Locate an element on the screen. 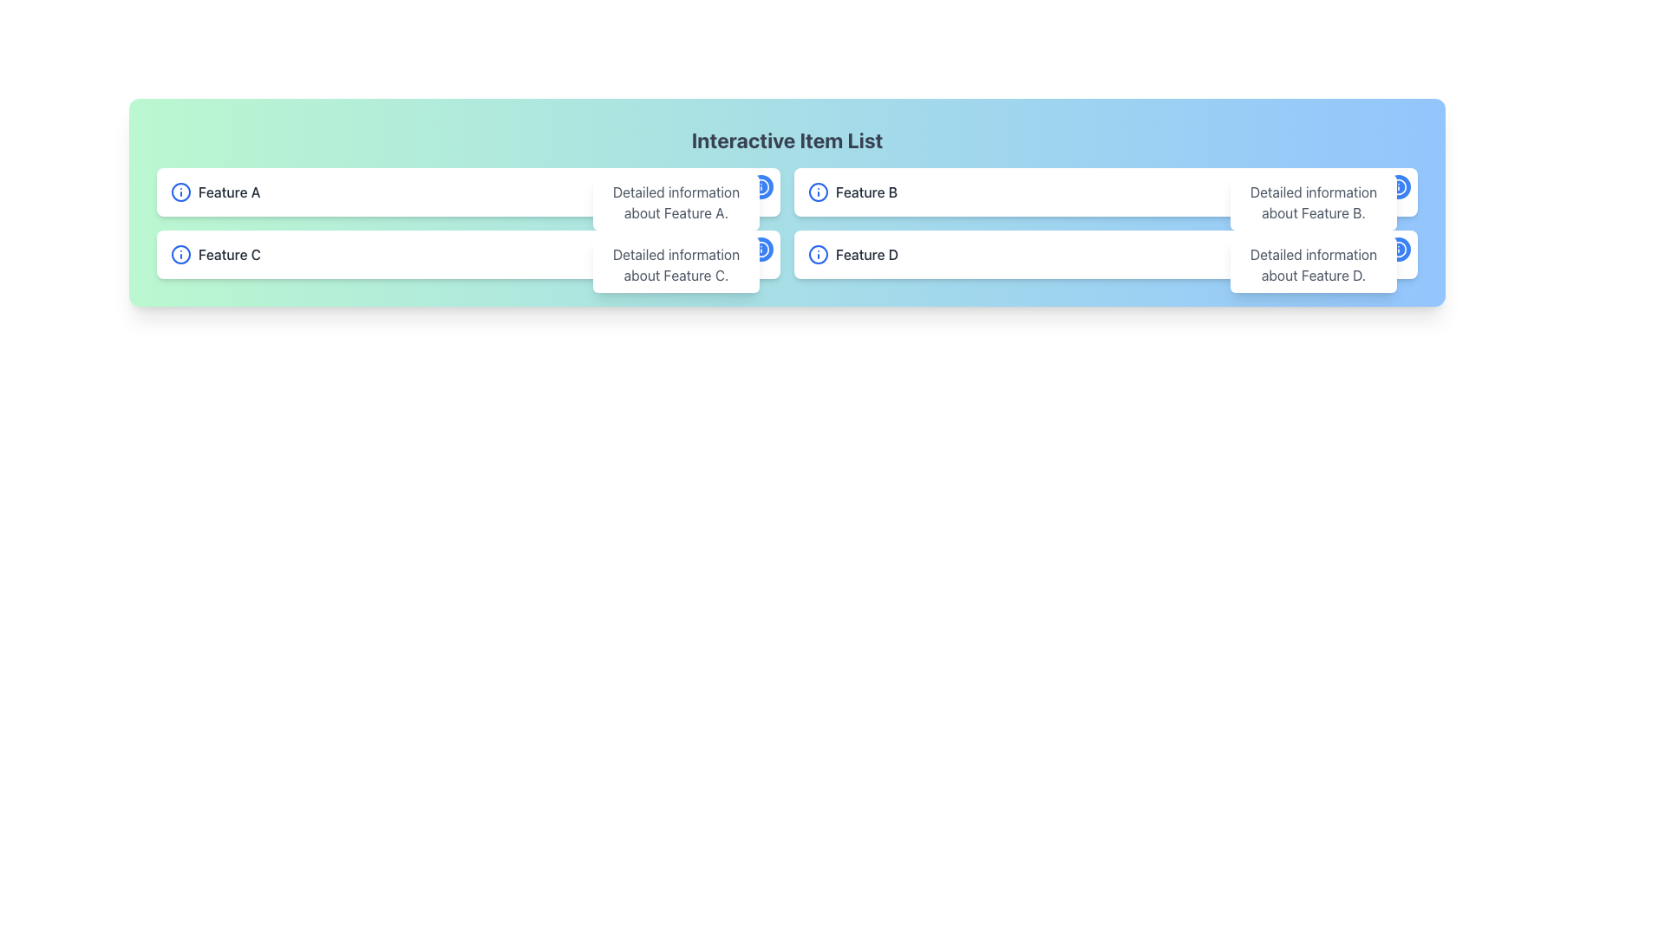  the text label displaying 'Feature B' in a medium-sized gray font located in the second row of a structured feature list is located at coordinates (866, 192).